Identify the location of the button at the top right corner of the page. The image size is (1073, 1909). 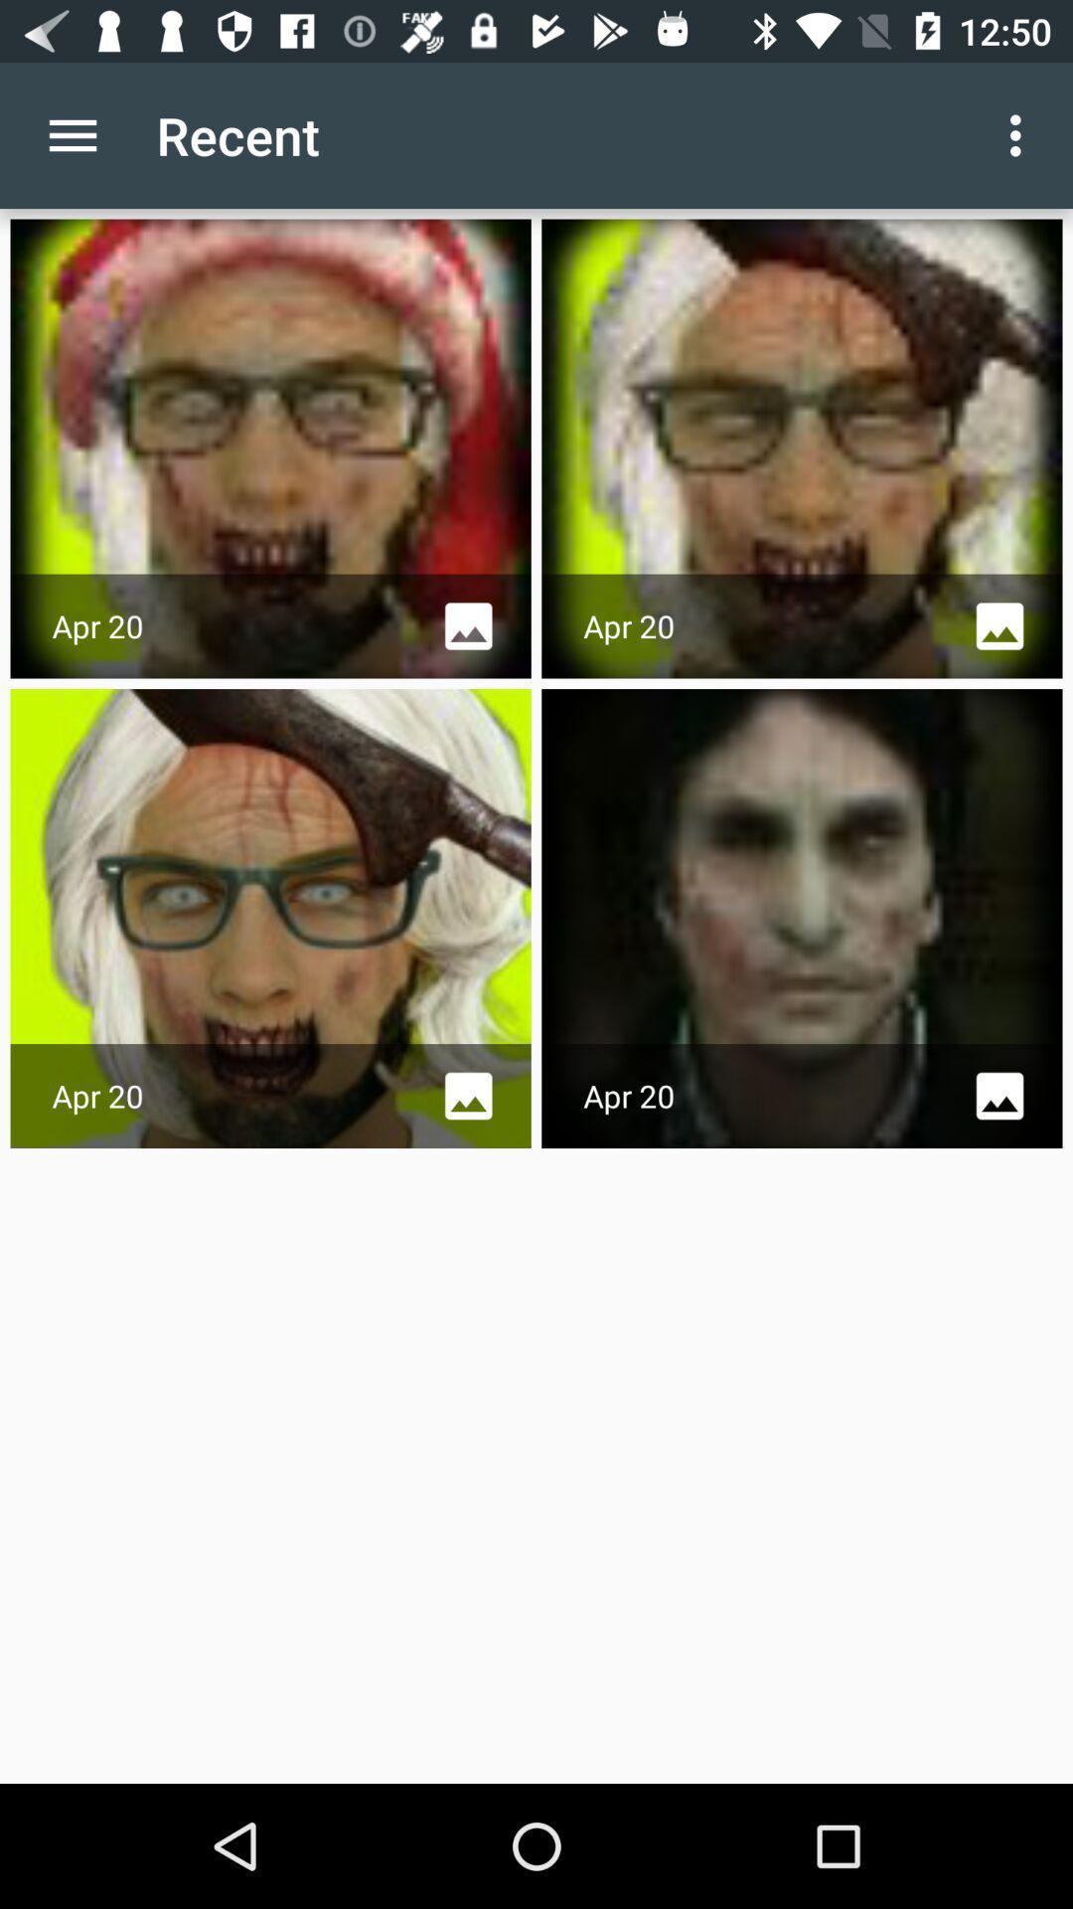
(1020, 135).